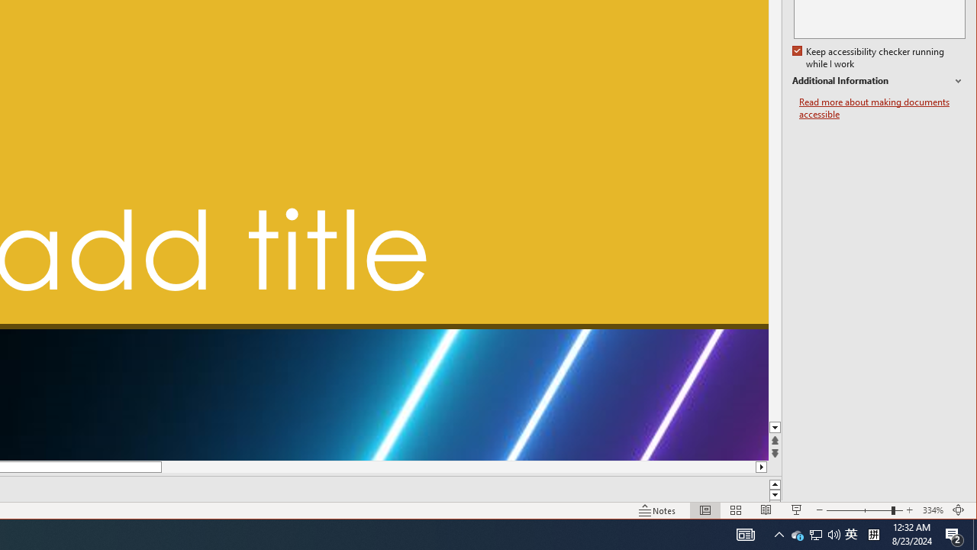  I want to click on 'Zoom 334%', so click(932, 510).